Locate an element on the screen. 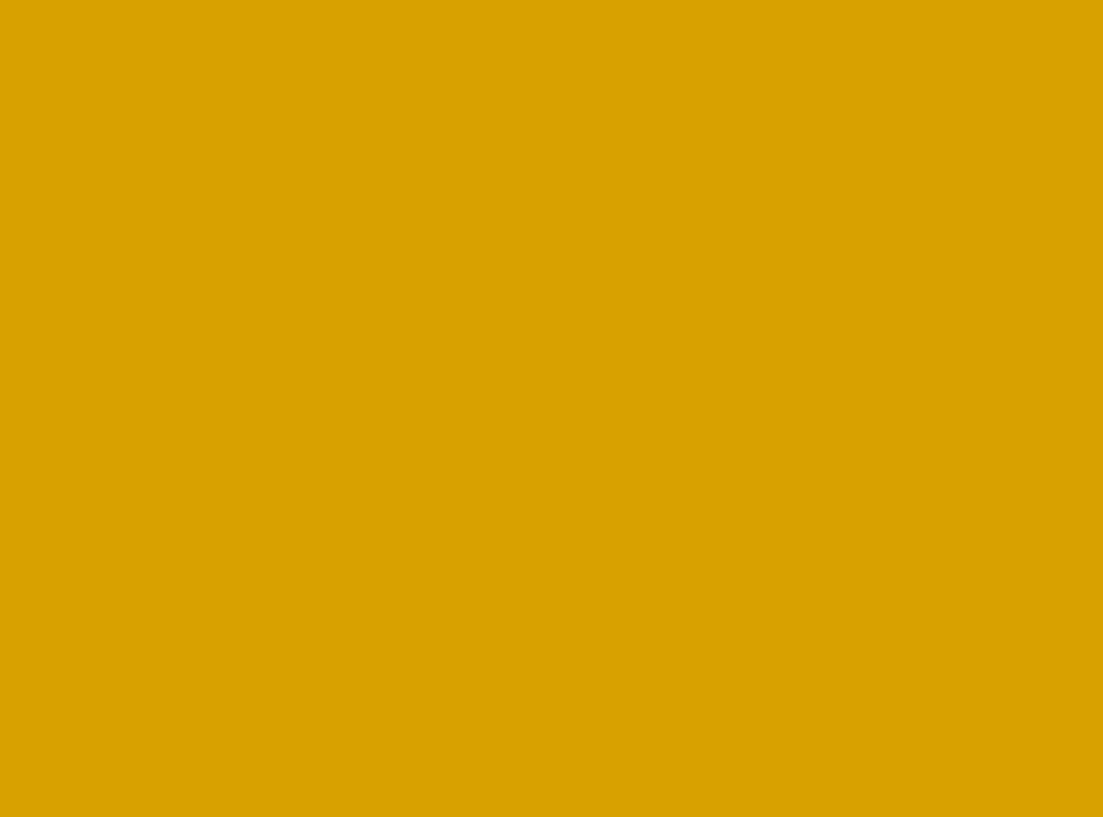  'SEARED TURMERIC CHICKEN BREAST' is located at coordinates (292, 619).